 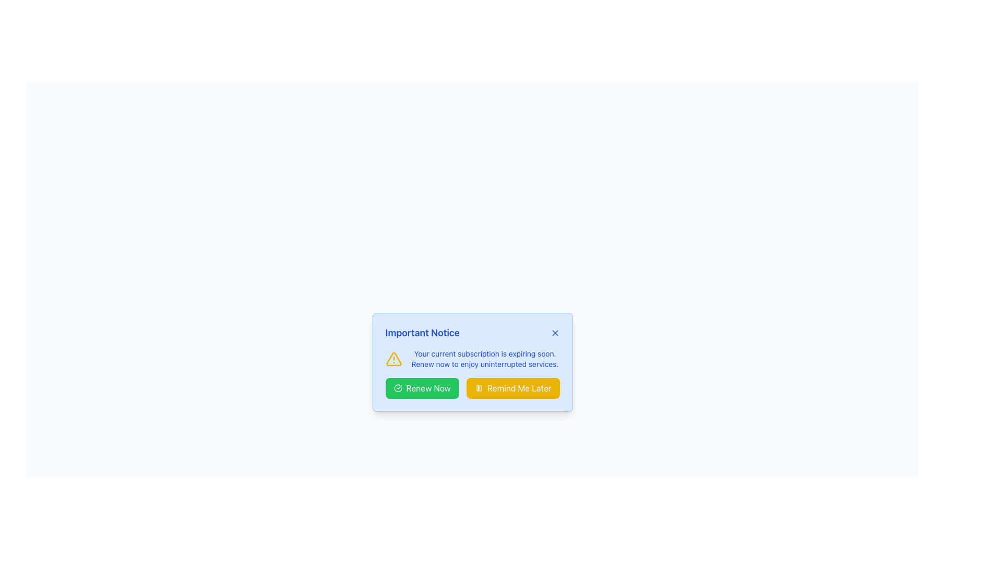 I want to click on the cross-shaped close button located in the top-right corner of the 'Important Notice' notification panel, so click(x=554, y=333).